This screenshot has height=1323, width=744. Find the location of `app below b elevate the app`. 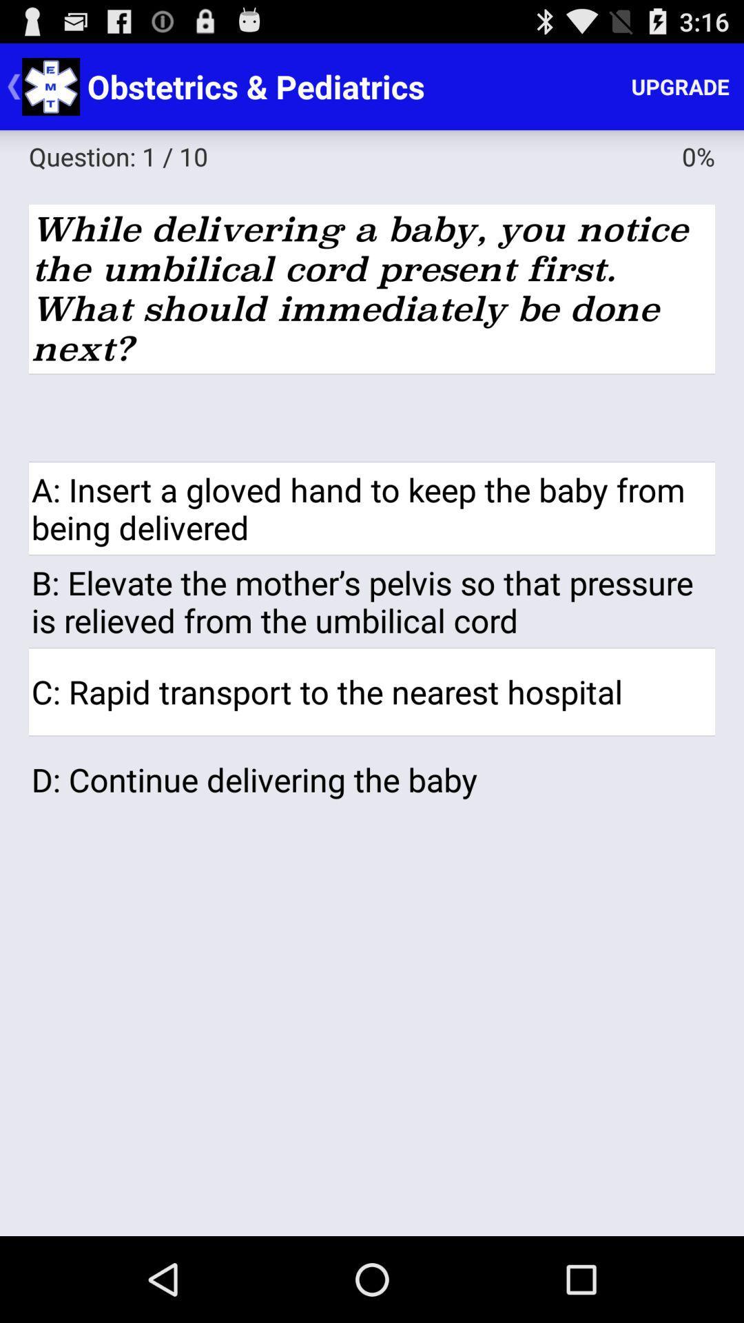

app below b elevate the app is located at coordinates (372, 692).